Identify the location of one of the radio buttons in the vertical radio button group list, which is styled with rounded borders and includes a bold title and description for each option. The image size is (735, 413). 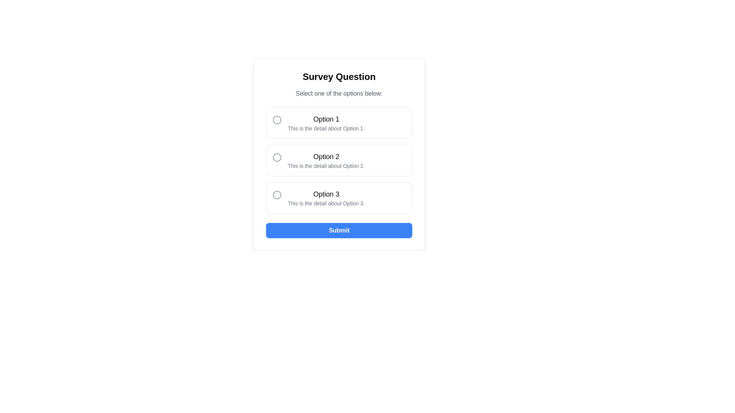
(339, 160).